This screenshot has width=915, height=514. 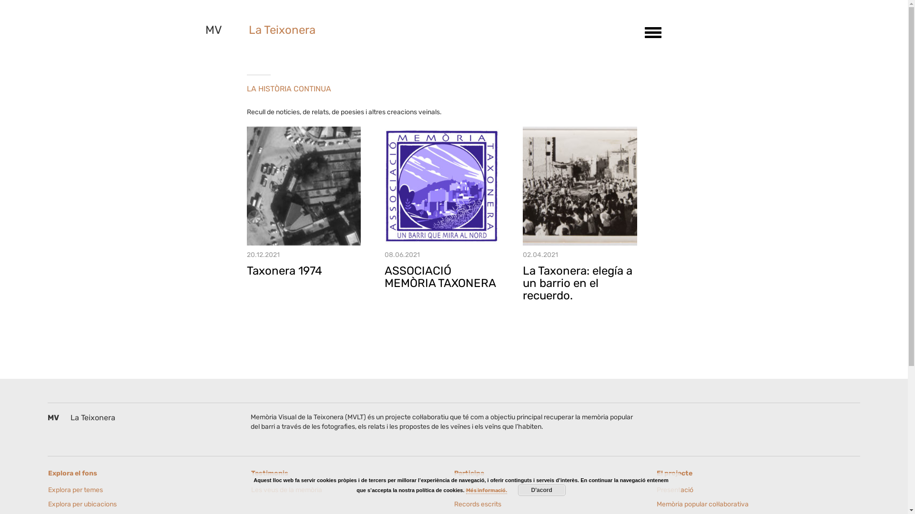 I want to click on 'D'acord', so click(x=542, y=490).